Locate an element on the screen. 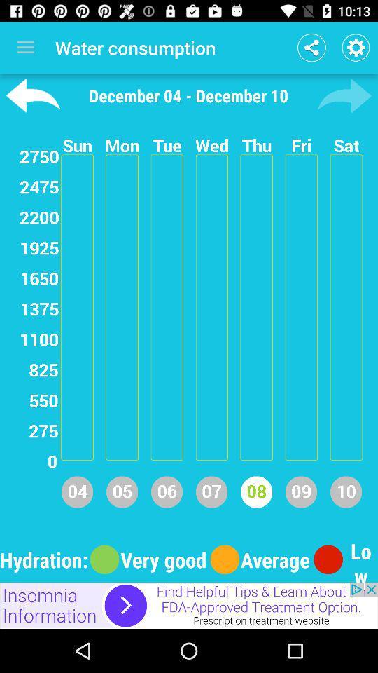  go forward is located at coordinates (344, 95).